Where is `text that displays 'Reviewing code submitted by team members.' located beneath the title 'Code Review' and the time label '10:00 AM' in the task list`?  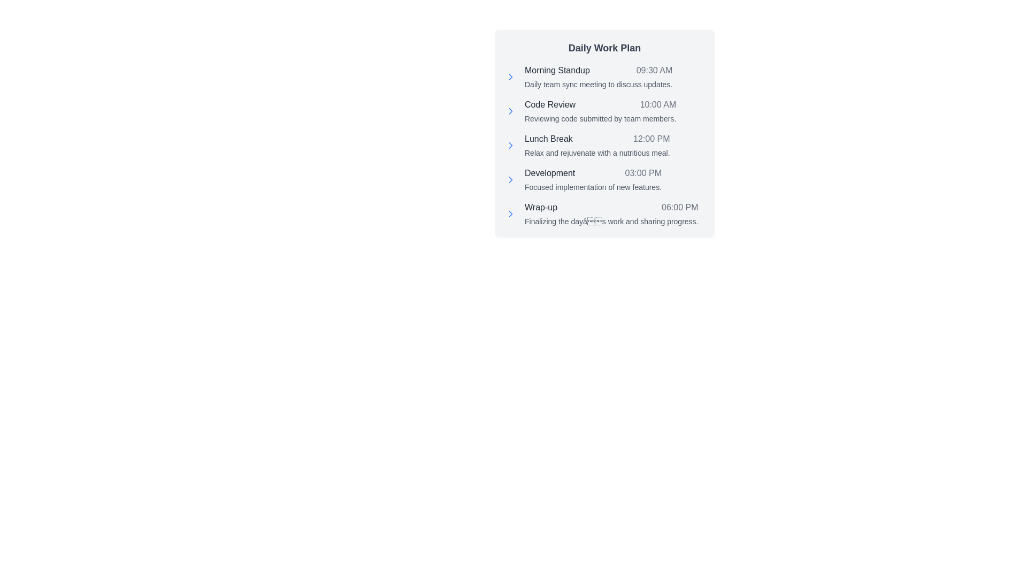
text that displays 'Reviewing code submitted by team members.' located beneath the title 'Code Review' and the time label '10:00 AM' in the task list is located at coordinates (600, 119).